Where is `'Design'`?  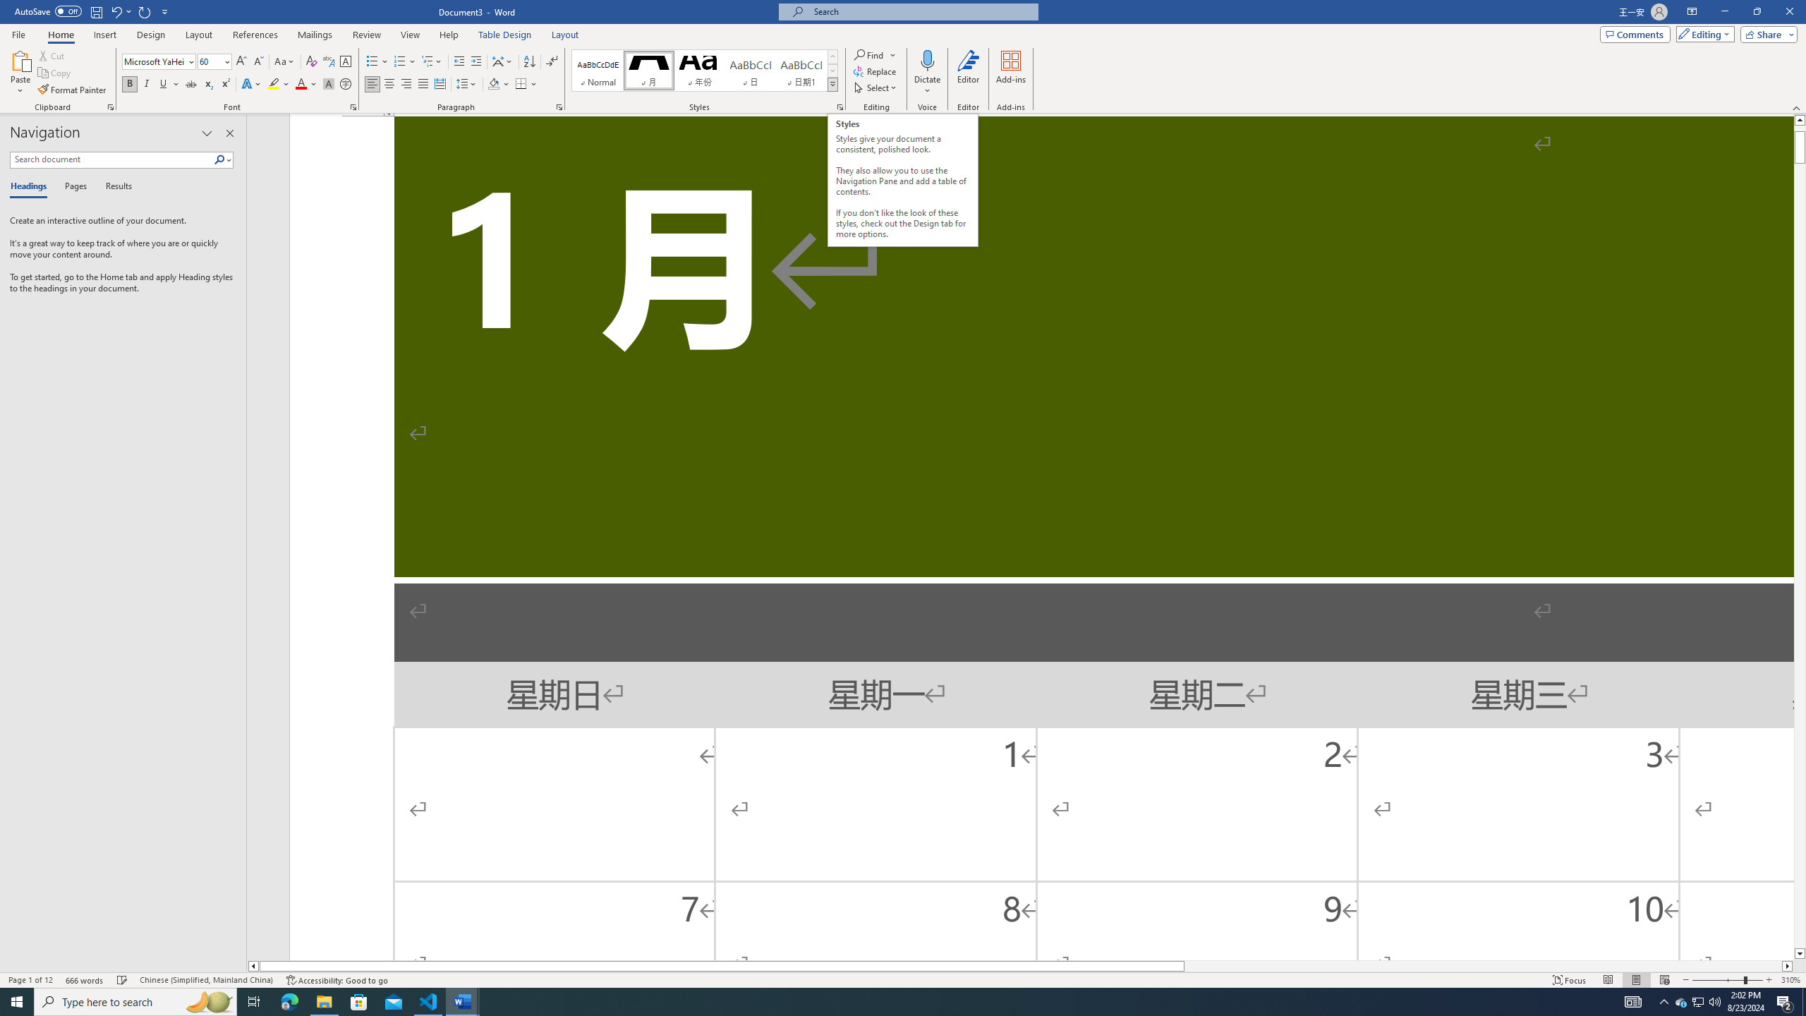
'Design' is located at coordinates (152, 35).